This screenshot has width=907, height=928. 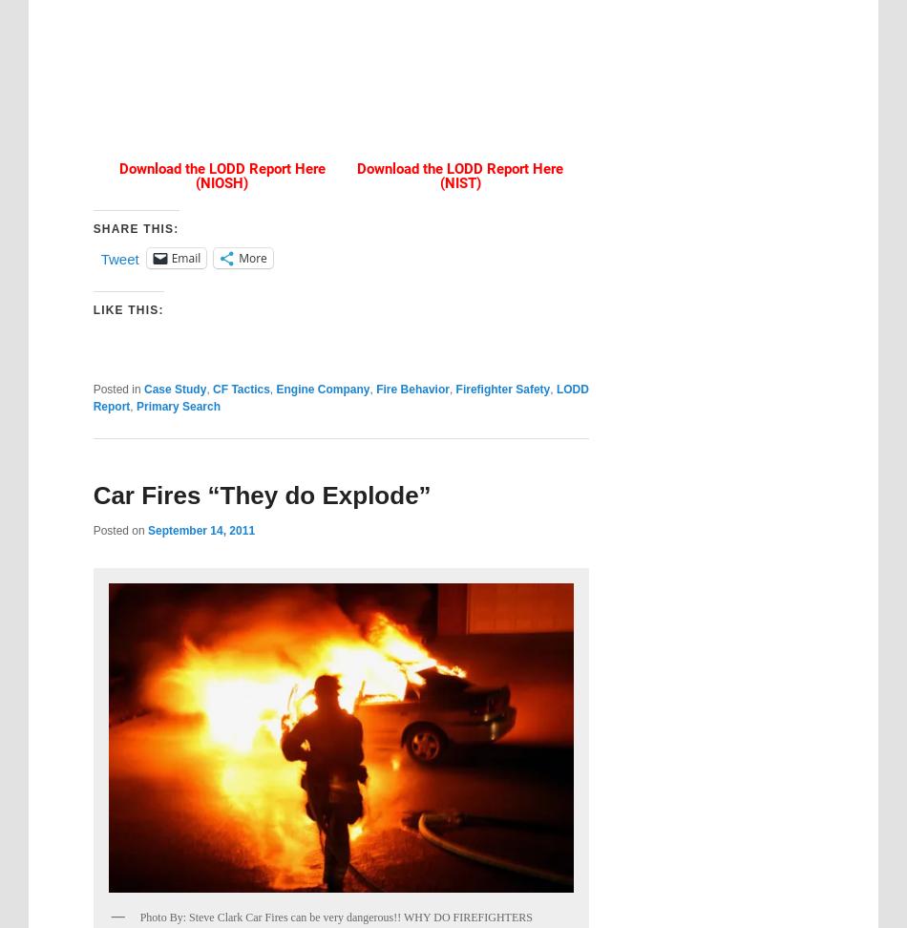 I want to click on 'Download the LODD Report Here (NIST)', so click(x=460, y=175).